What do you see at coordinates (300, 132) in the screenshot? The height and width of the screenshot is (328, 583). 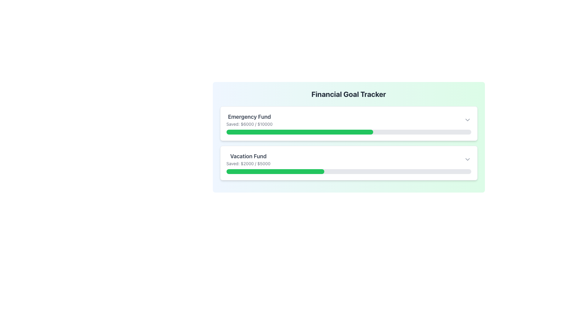 I see `the Progress Bar that indicates 60% savings for the Emergency Fund, which is located under the 'Emergency Fund' label` at bounding box center [300, 132].